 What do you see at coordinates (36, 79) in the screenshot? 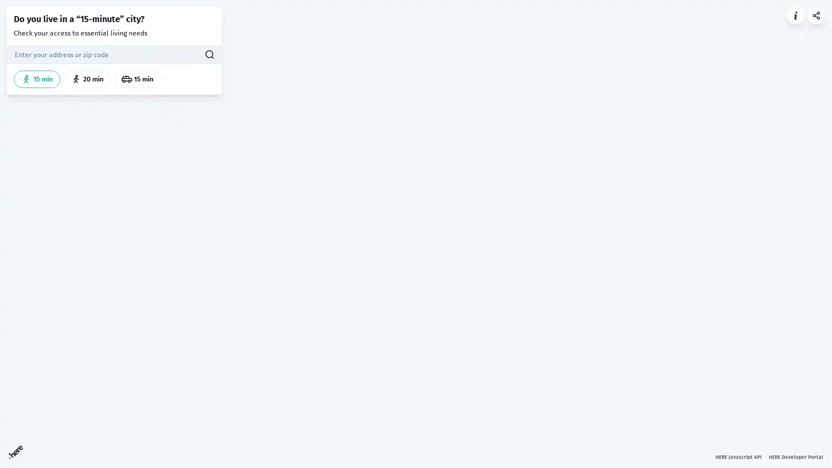
I see `15 min` at bounding box center [36, 79].